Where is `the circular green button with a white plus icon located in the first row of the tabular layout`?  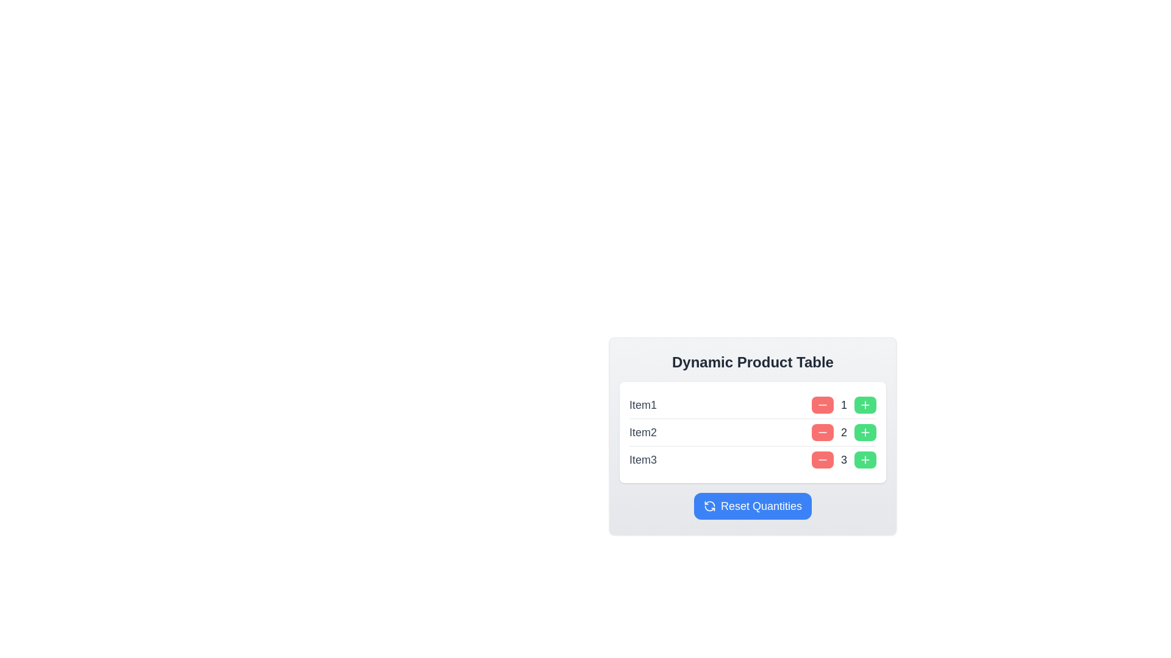
the circular green button with a white plus icon located in the first row of the tabular layout is located at coordinates (865, 405).